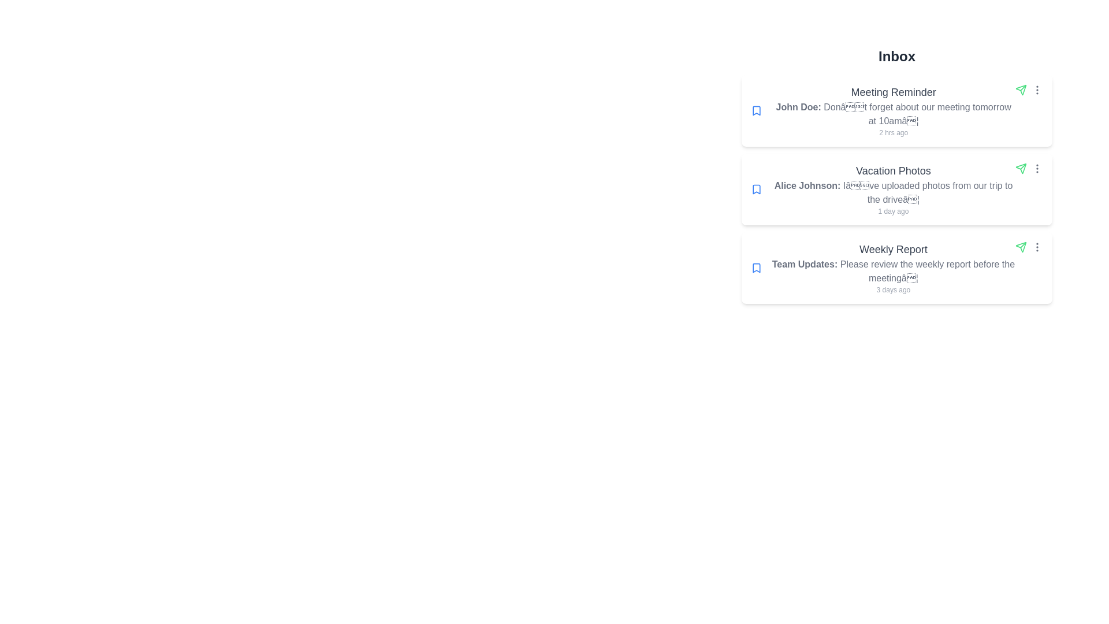 This screenshot has height=624, width=1109. What do you see at coordinates (757, 268) in the screenshot?
I see `bookmark icon for the message with subject Weekly Report` at bounding box center [757, 268].